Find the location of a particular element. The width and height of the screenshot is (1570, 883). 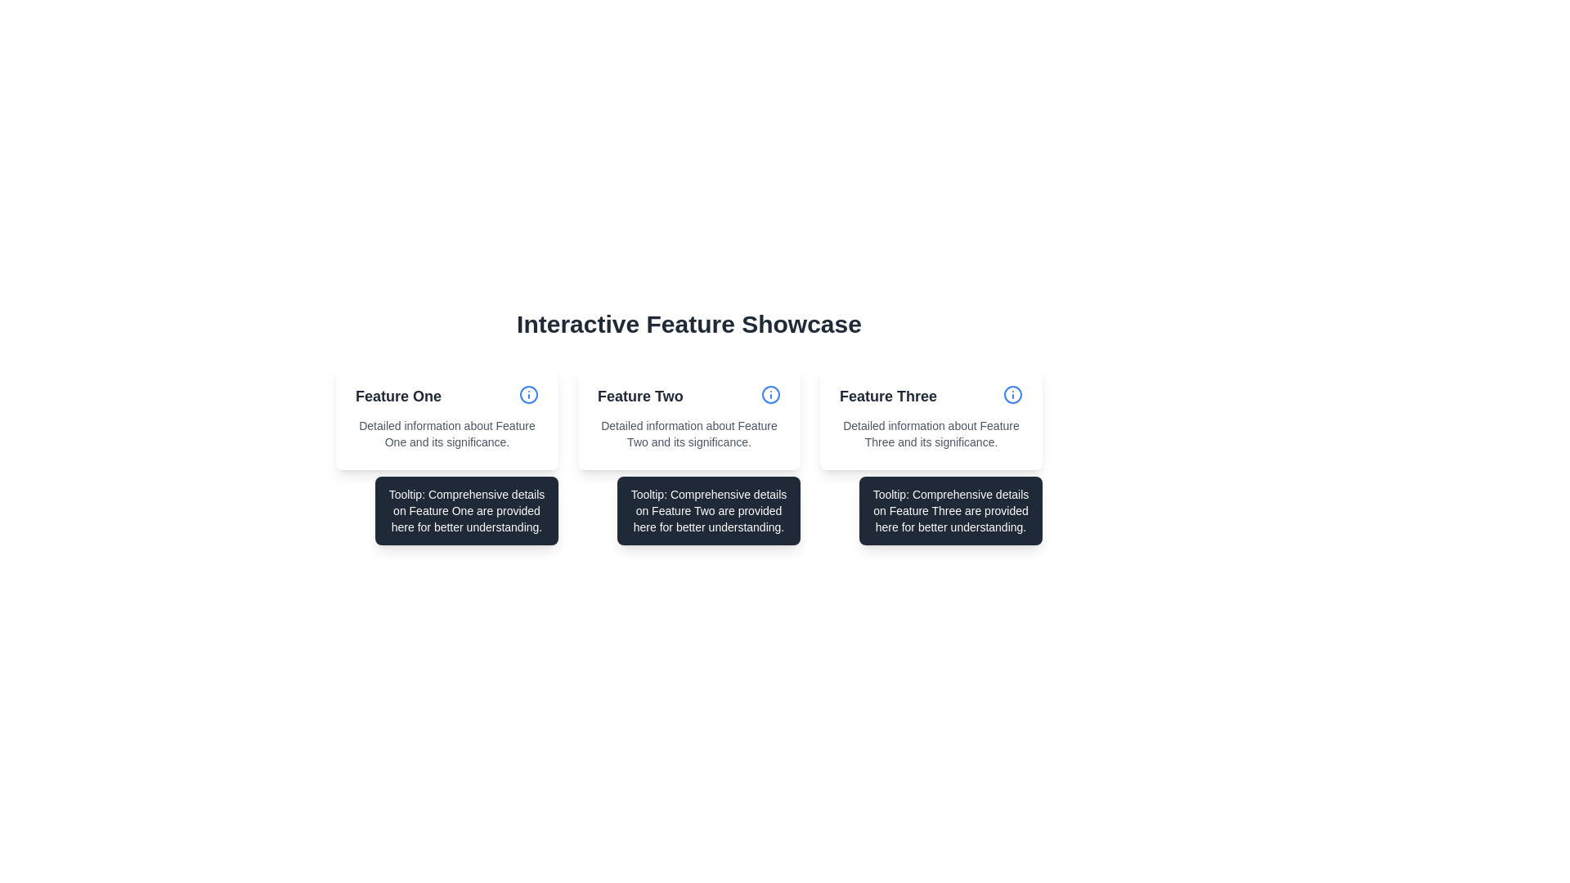

the information icon located to the right of the text 'Feature One' within the first column of the card layout is located at coordinates (529, 397).